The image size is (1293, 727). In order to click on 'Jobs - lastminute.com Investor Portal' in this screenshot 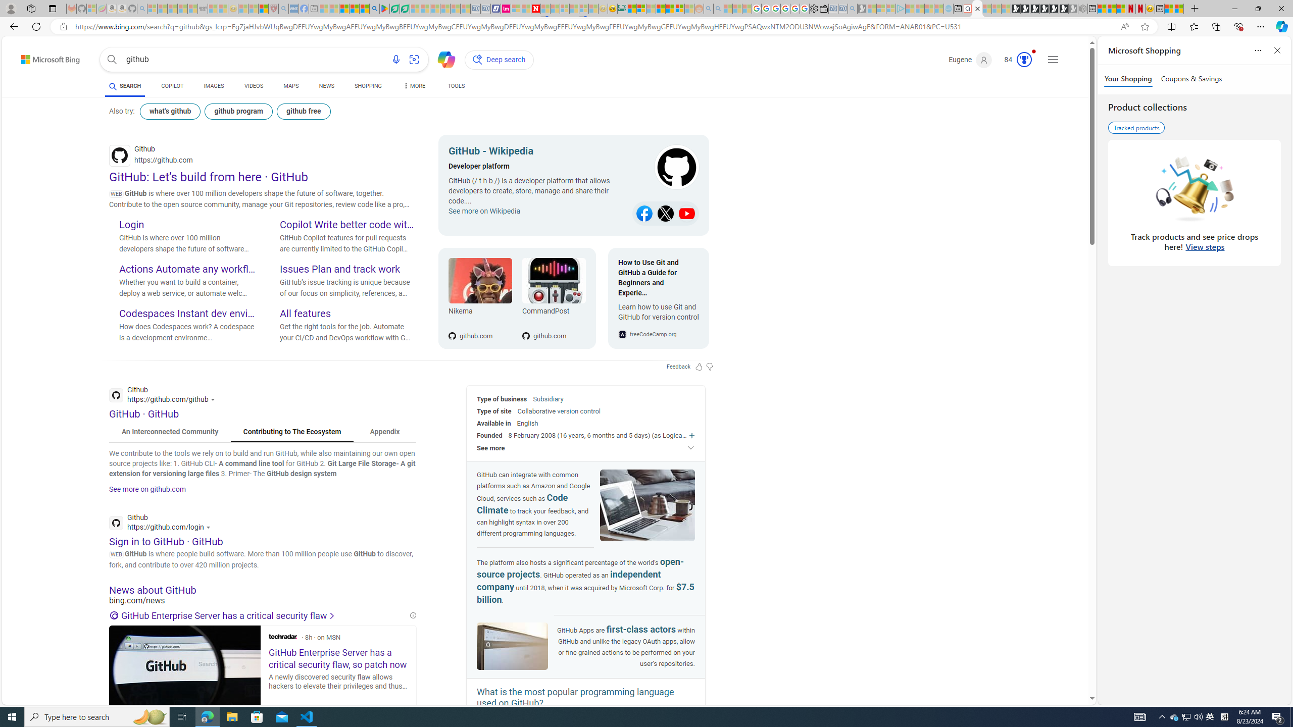, I will do `click(505, 8)`.